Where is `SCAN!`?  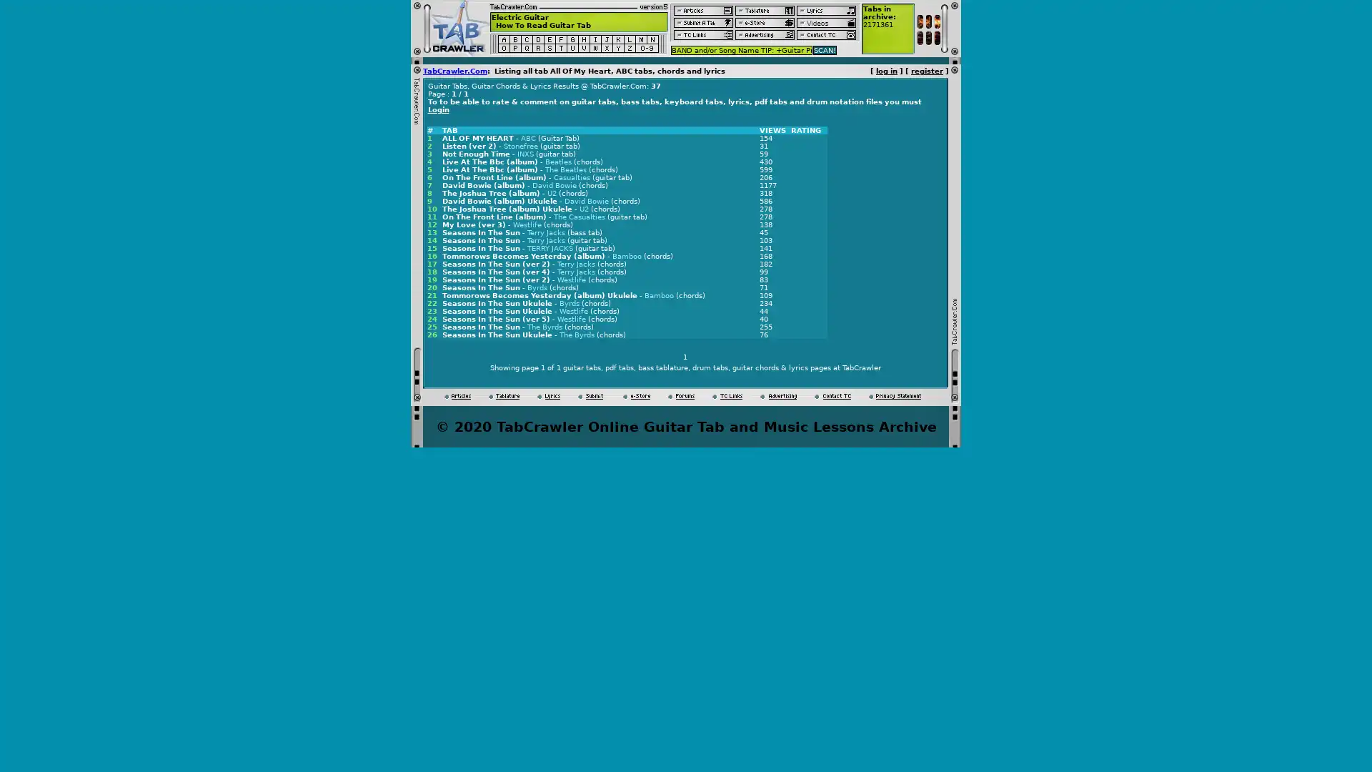 SCAN! is located at coordinates (825, 49).